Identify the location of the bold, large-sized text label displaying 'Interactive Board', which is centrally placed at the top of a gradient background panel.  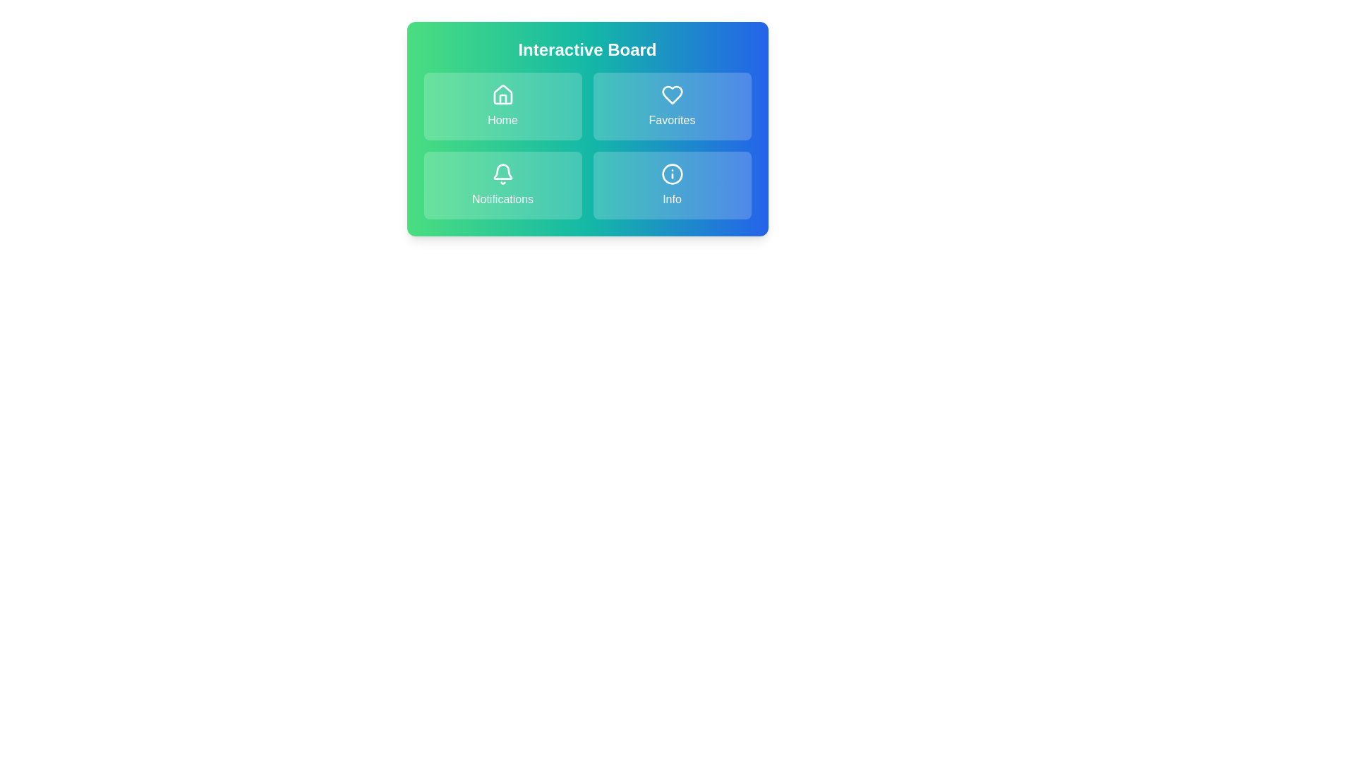
(587, 49).